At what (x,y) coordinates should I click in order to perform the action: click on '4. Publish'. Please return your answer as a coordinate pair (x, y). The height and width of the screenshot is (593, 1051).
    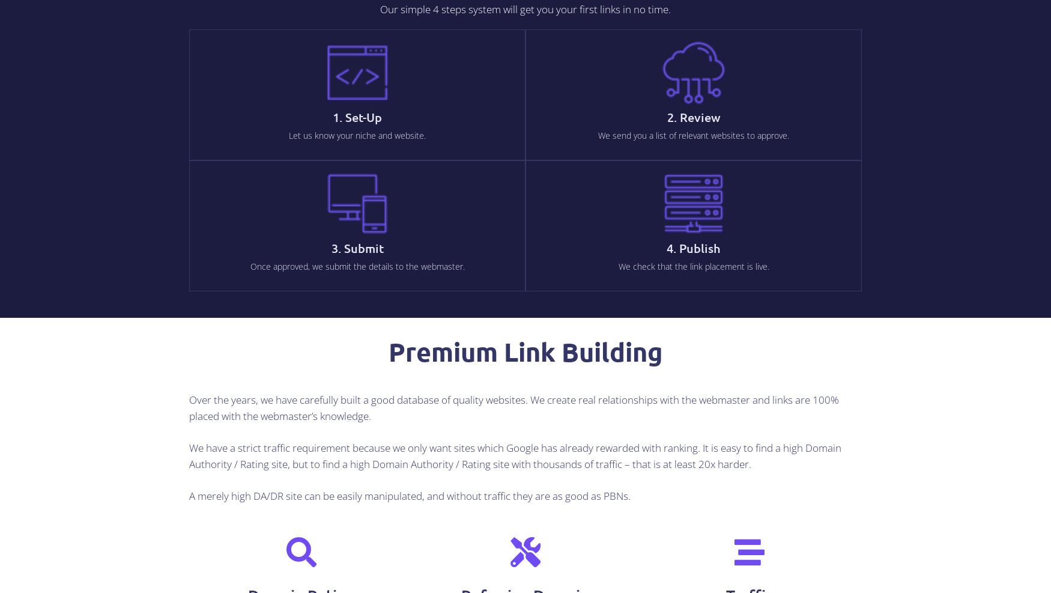
    Looking at the image, I should click on (667, 247).